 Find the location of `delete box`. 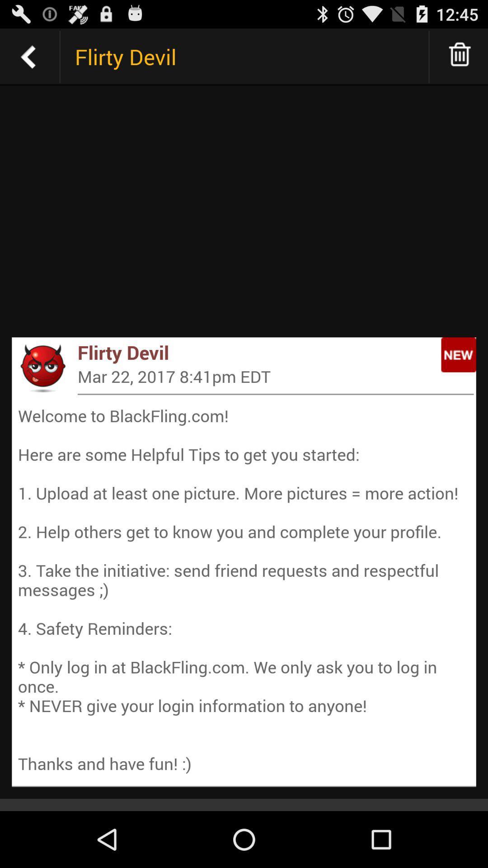

delete box is located at coordinates (460, 56).